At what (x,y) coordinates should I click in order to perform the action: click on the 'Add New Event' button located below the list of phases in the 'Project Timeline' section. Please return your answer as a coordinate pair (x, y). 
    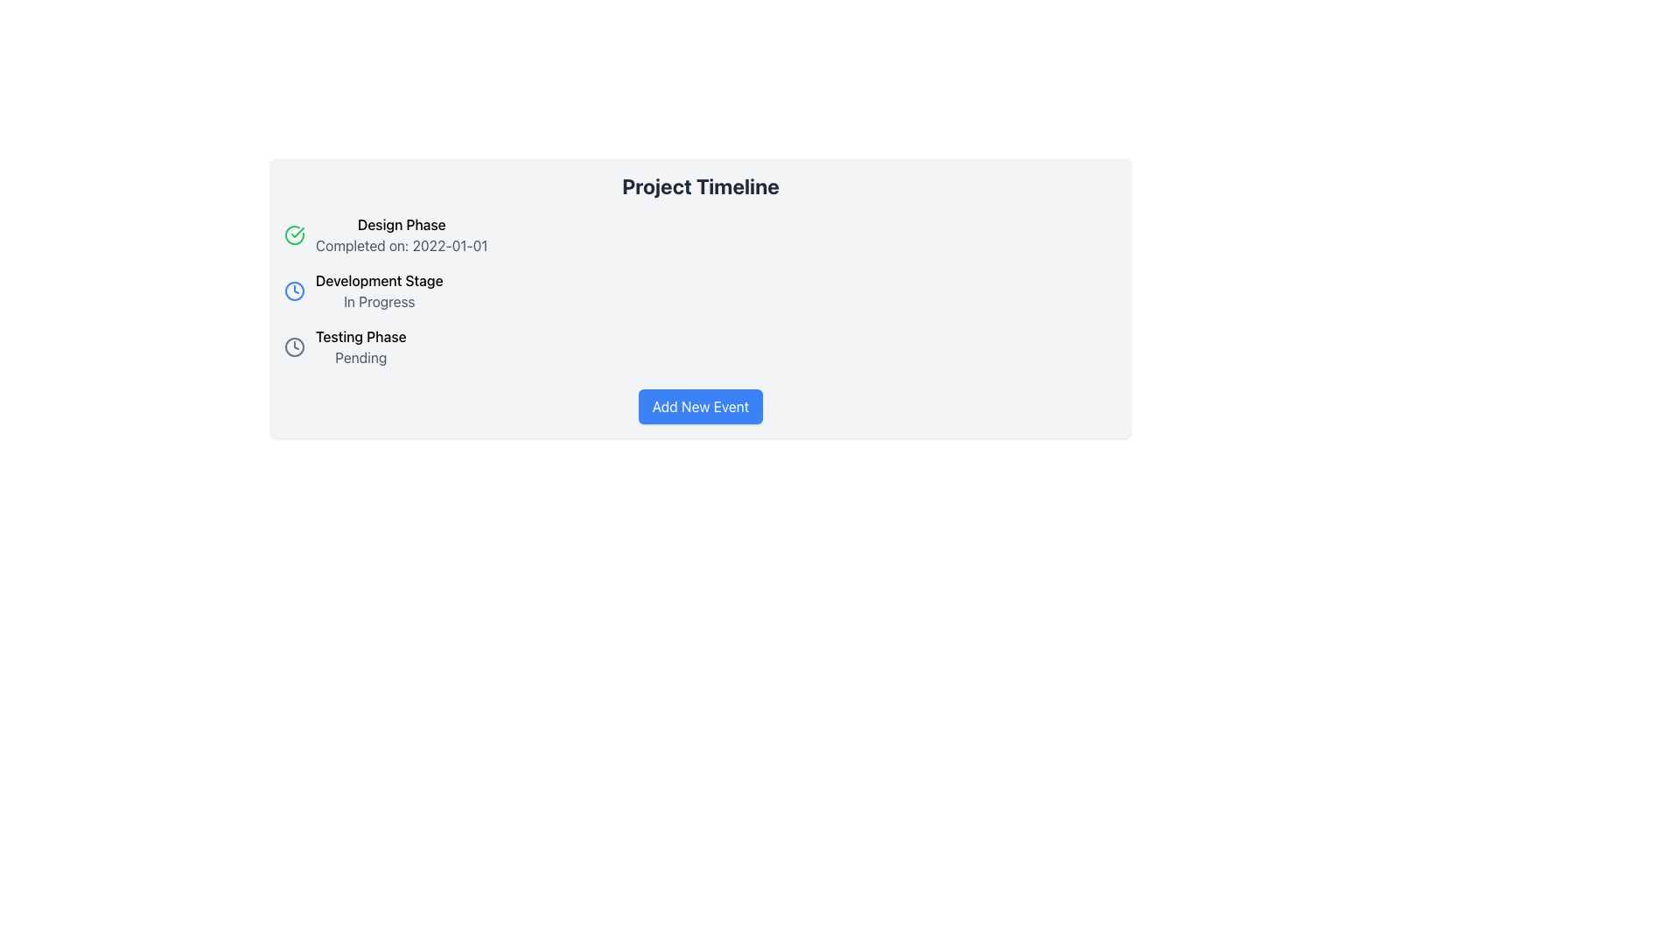
    Looking at the image, I should click on (701, 407).